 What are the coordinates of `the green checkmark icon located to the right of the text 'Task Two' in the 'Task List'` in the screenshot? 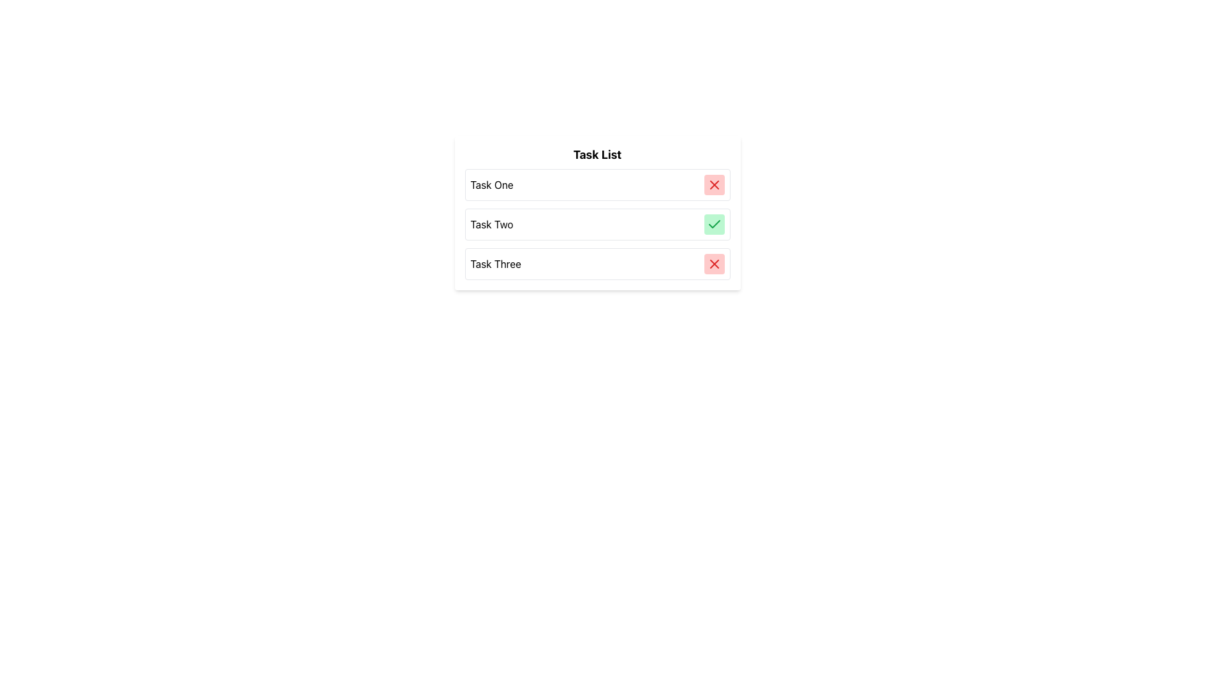 It's located at (713, 223).